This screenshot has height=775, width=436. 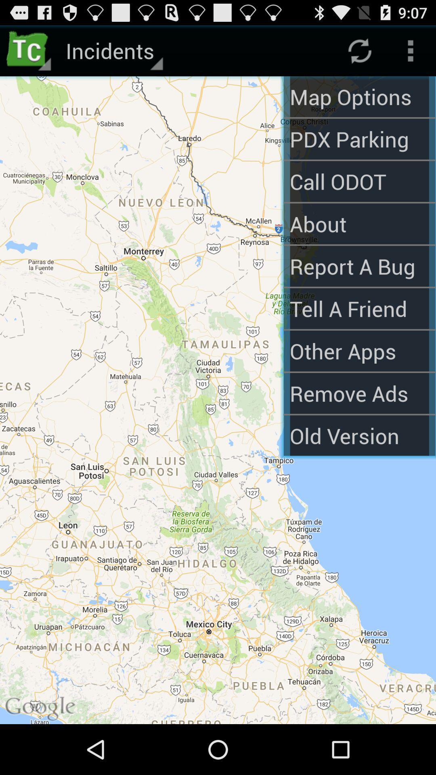 What do you see at coordinates (29, 50) in the screenshot?
I see `app next to incidents` at bounding box center [29, 50].